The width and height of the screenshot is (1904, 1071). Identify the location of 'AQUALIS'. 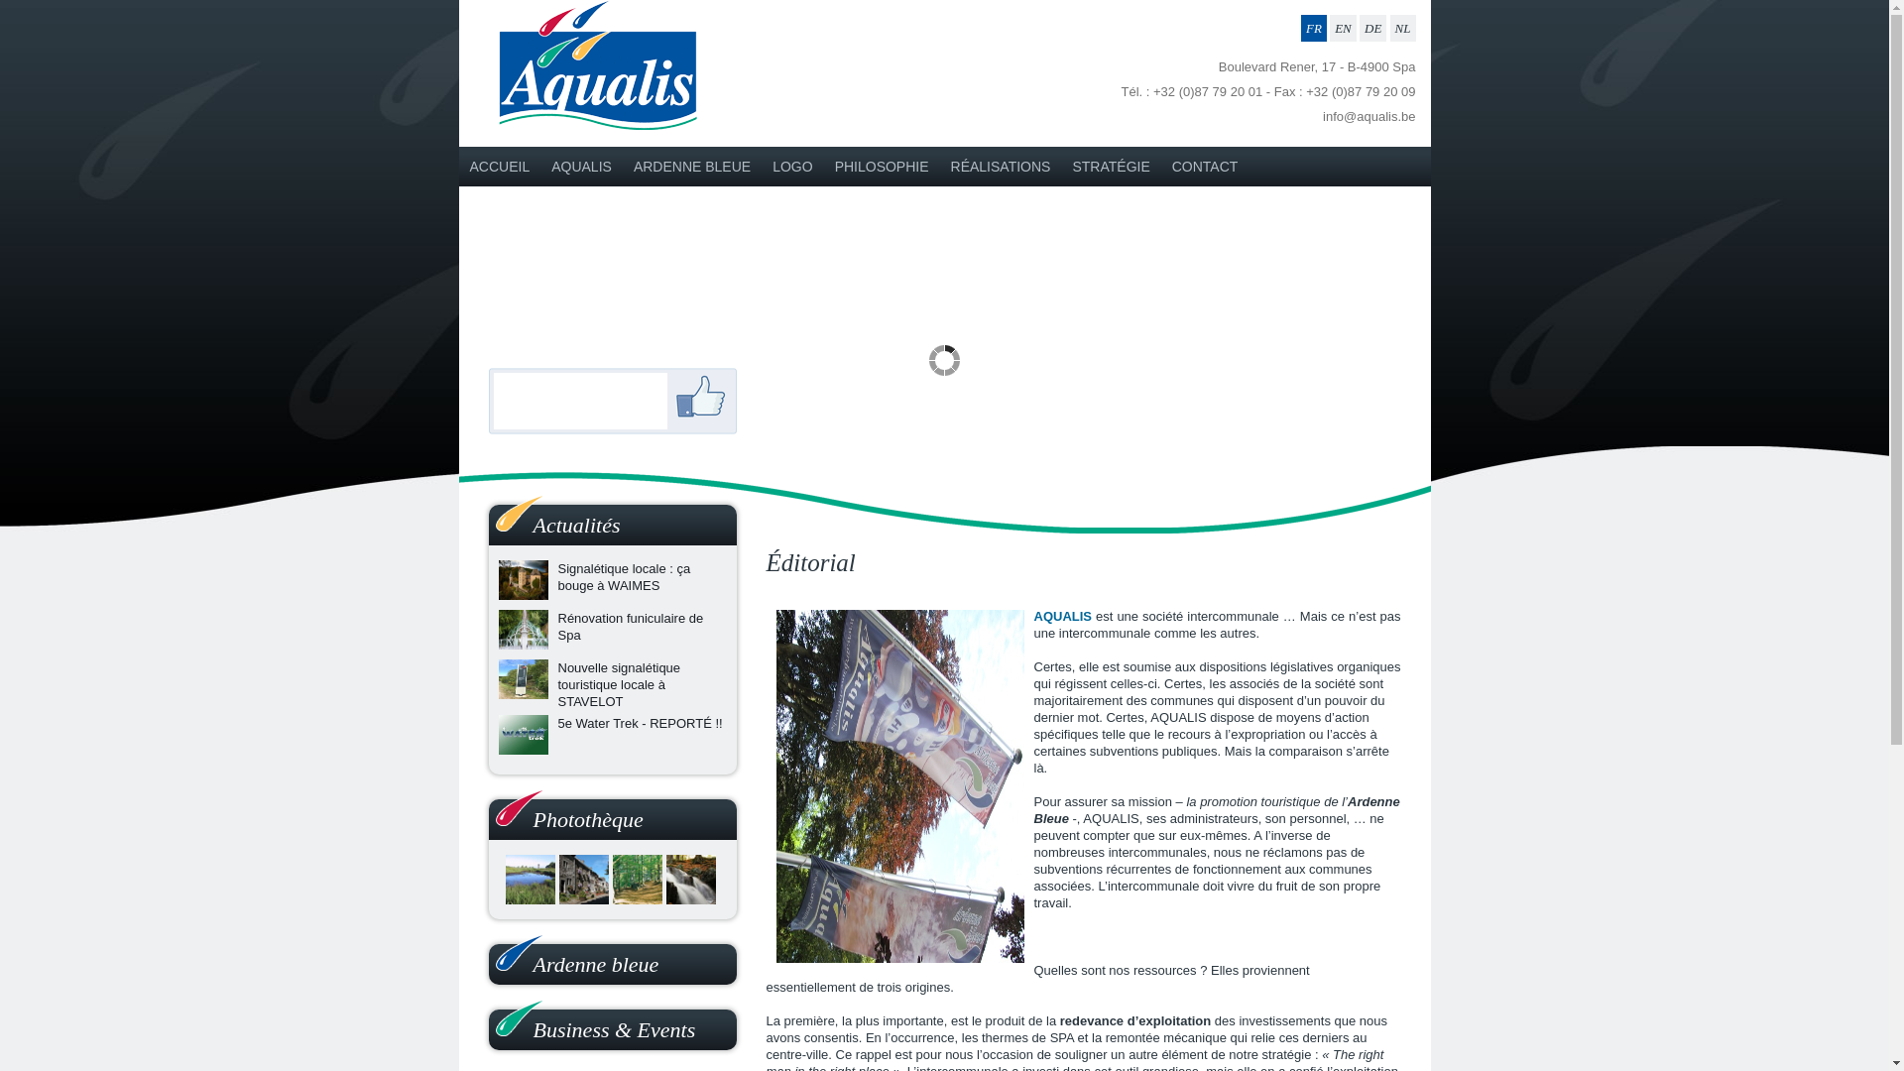
(580, 166).